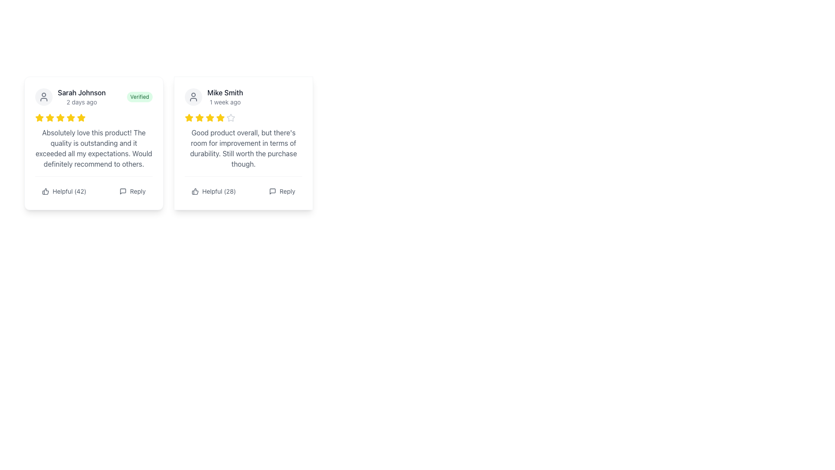 The height and width of the screenshot is (470, 835). What do you see at coordinates (43, 97) in the screenshot?
I see `the user profile icon` at bounding box center [43, 97].